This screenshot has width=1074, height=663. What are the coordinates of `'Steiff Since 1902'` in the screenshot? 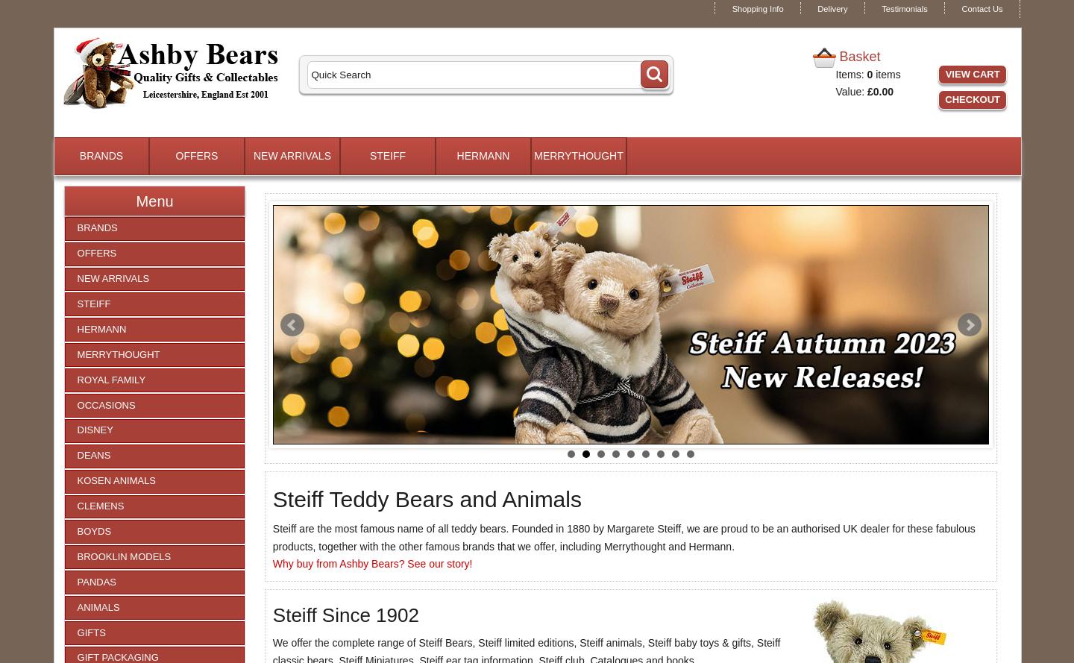 It's located at (345, 615).